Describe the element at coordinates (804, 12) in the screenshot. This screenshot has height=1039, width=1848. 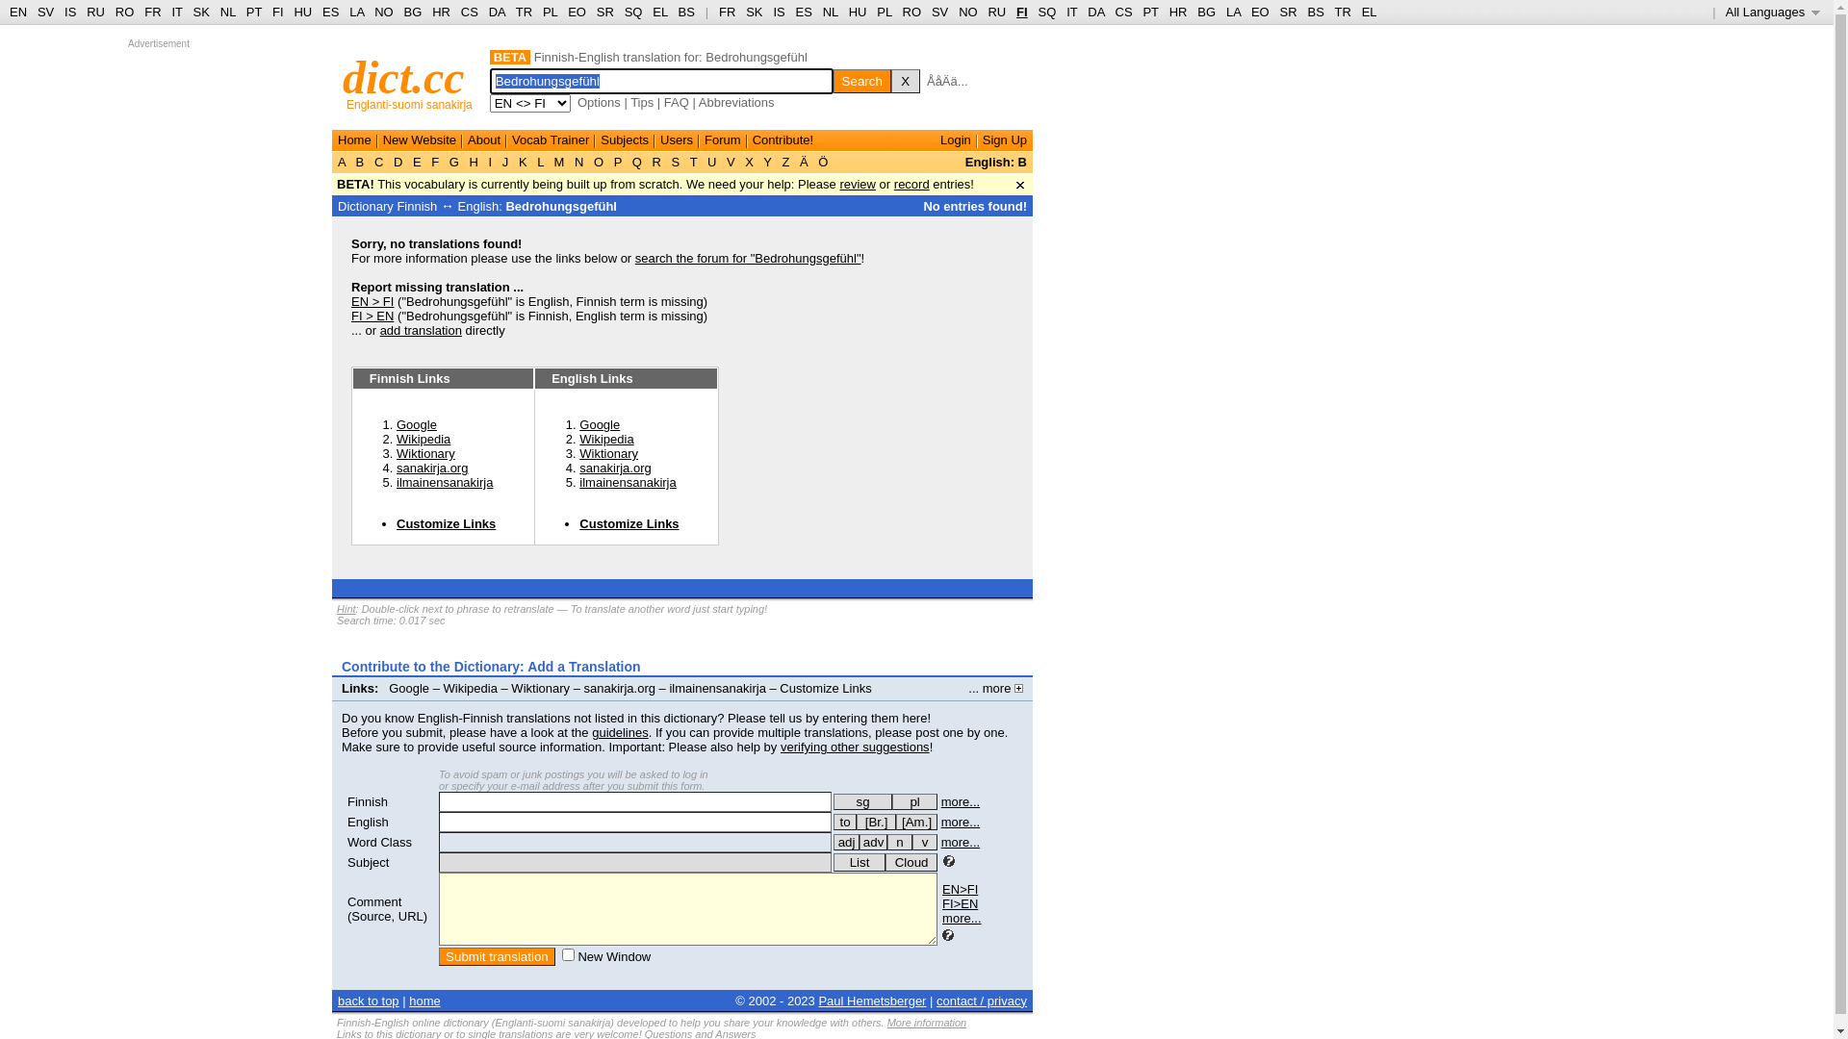
I see `'ES'` at that location.